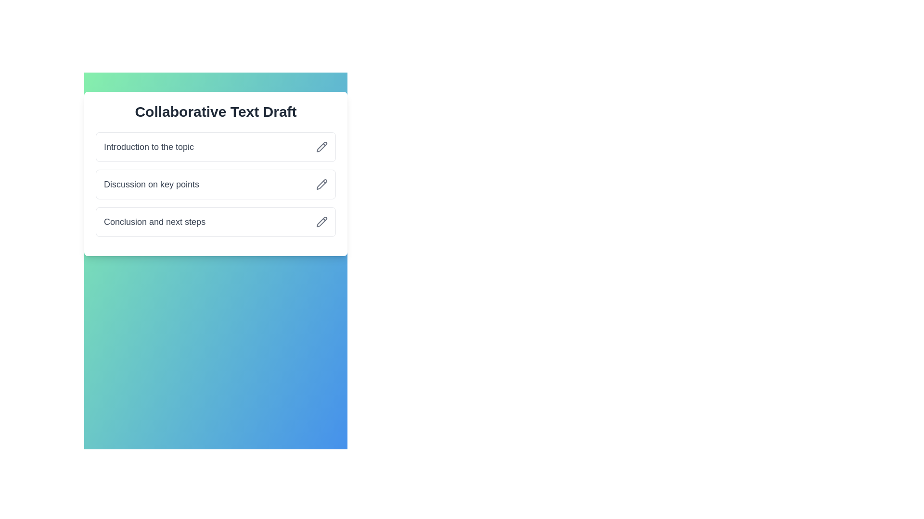 The image size is (924, 519). I want to click on the editable state indicator icon located to the right of the text 'Conclusion and next steps', so click(321, 222).